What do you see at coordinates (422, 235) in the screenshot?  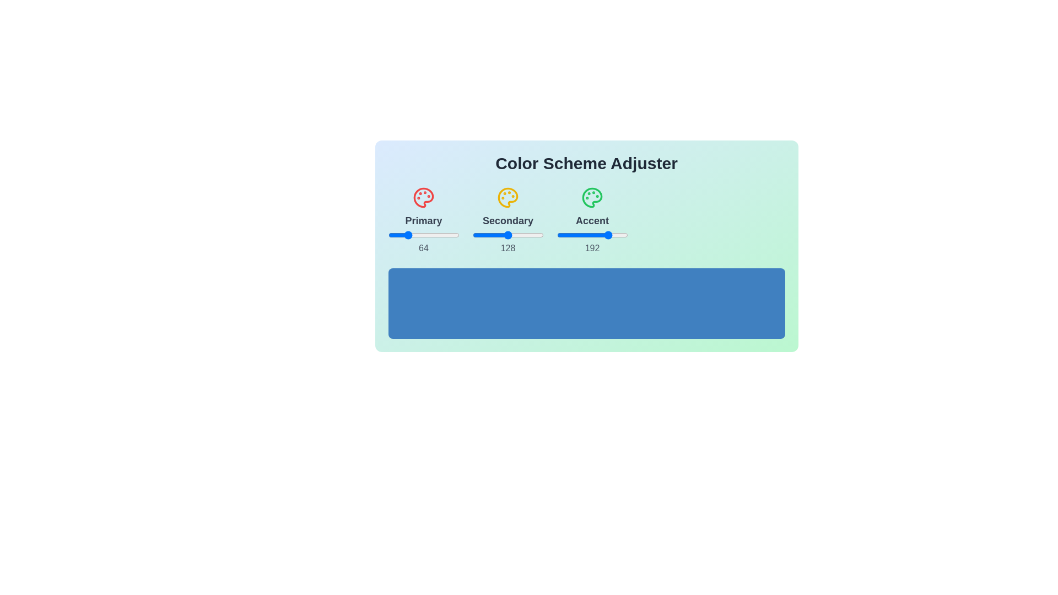 I see `the primary slider to set its value to 123` at bounding box center [422, 235].